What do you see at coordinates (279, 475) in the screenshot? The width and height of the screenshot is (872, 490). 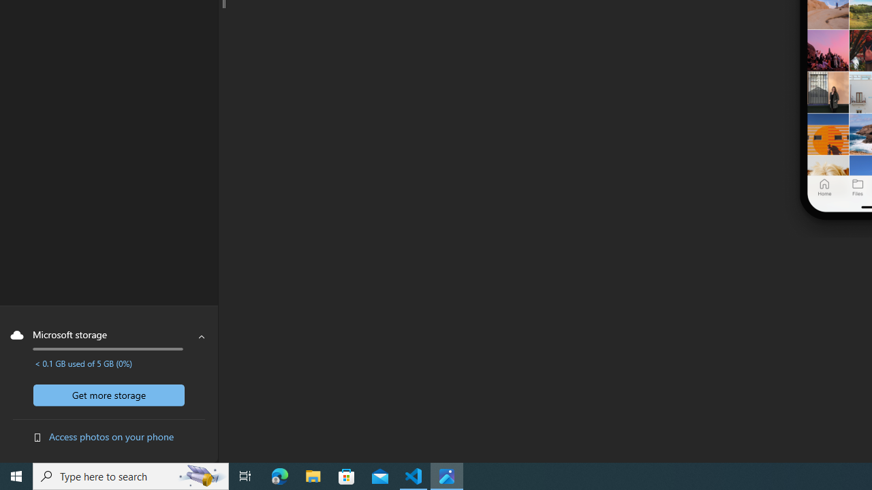 I see `'Microsoft Edge'` at bounding box center [279, 475].